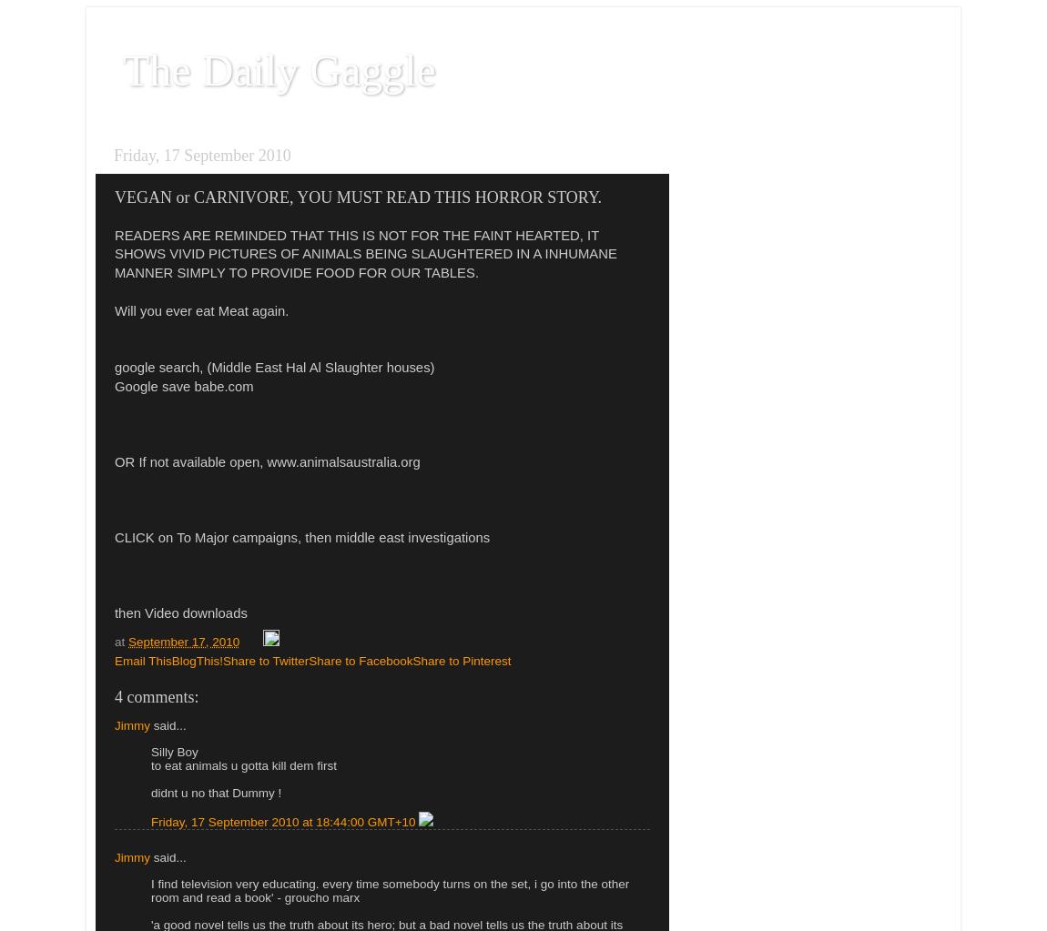 The width and height of the screenshot is (1047, 931). I want to click on 'Share to Twitter', so click(265, 661).